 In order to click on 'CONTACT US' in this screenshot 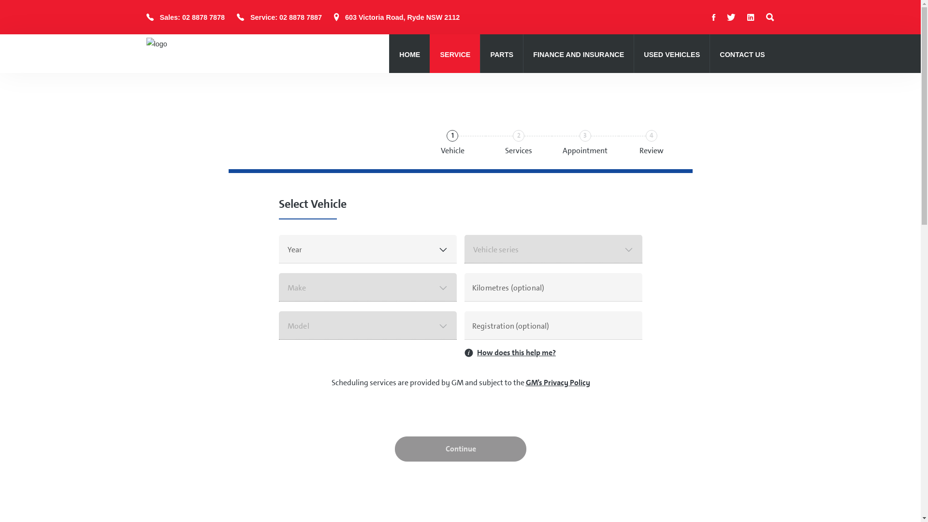, I will do `click(741, 54)`.